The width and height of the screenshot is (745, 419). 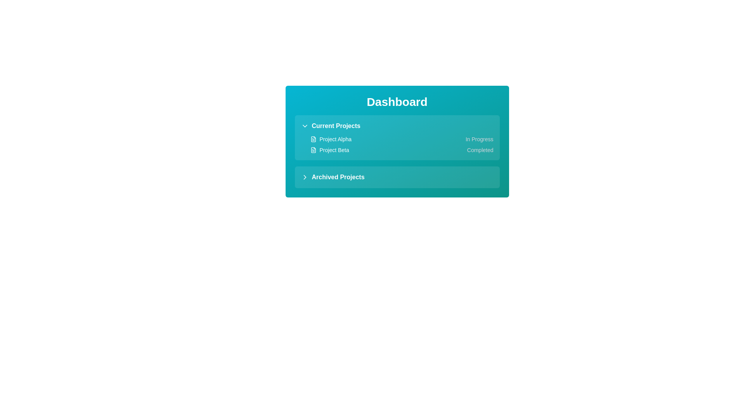 What do you see at coordinates (336, 125) in the screenshot?
I see `the 'Current Projects' text label, which is prominently styled in bold font and located in the top left section of the 'Dashboard' card` at bounding box center [336, 125].